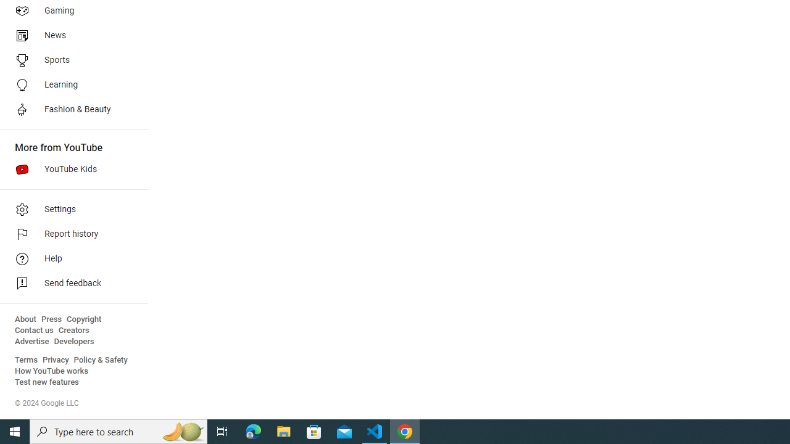 Image resolution: width=790 pixels, height=444 pixels. What do you see at coordinates (73, 330) in the screenshot?
I see `'Creators'` at bounding box center [73, 330].